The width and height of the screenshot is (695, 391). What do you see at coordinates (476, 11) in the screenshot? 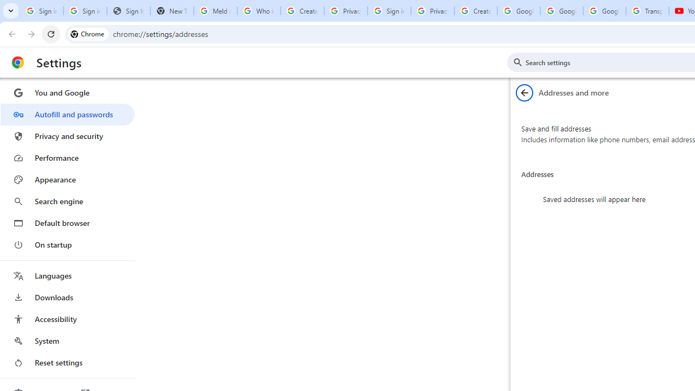
I see `'Create your Google Account'` at bounding box center [476, 11].